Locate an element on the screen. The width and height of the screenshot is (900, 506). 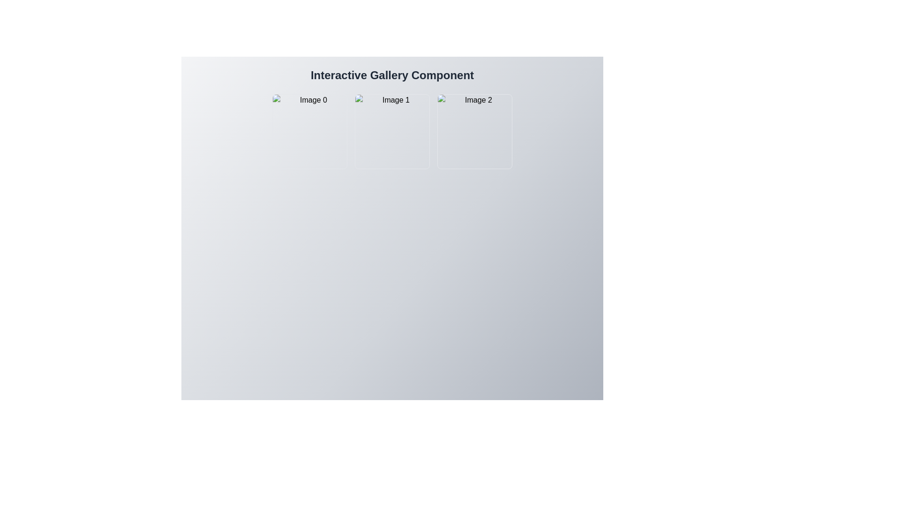
the first gallery thumbnail labeled 'Image 0' is located at coordinates (310, 132).